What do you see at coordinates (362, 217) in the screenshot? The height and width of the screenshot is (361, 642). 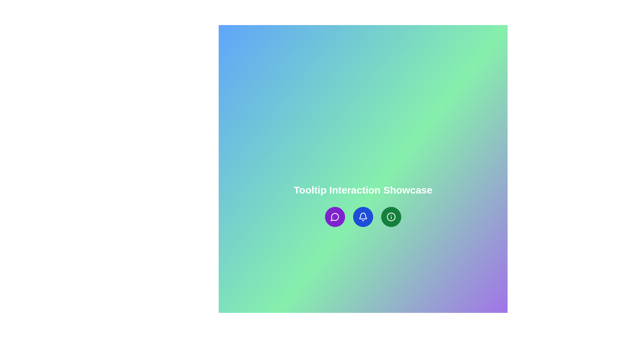 I see `the notification icon located in the center of the blue circular button, which is the middle button in a group of three` at bounding box center [362, 217].